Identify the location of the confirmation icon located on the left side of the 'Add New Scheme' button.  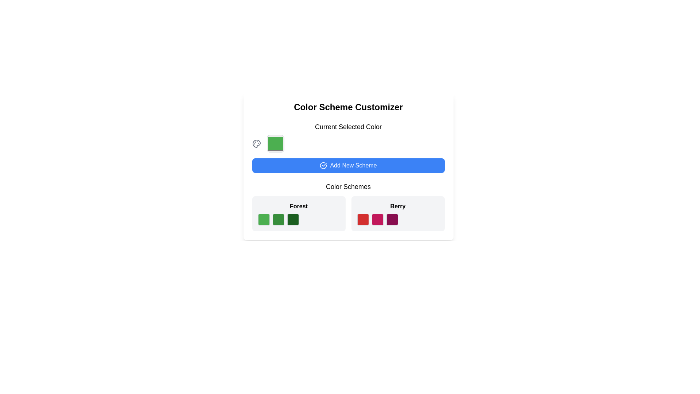
(323, 166).